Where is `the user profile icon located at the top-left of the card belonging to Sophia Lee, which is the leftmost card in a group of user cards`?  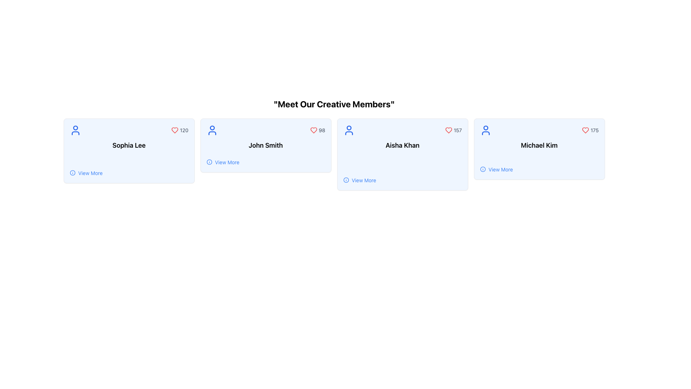 the user profile icon located at the top-left of the card belonging to Sophia Lee, which is the leftmost card in a group of user cards is located at coordinates (75, 130).